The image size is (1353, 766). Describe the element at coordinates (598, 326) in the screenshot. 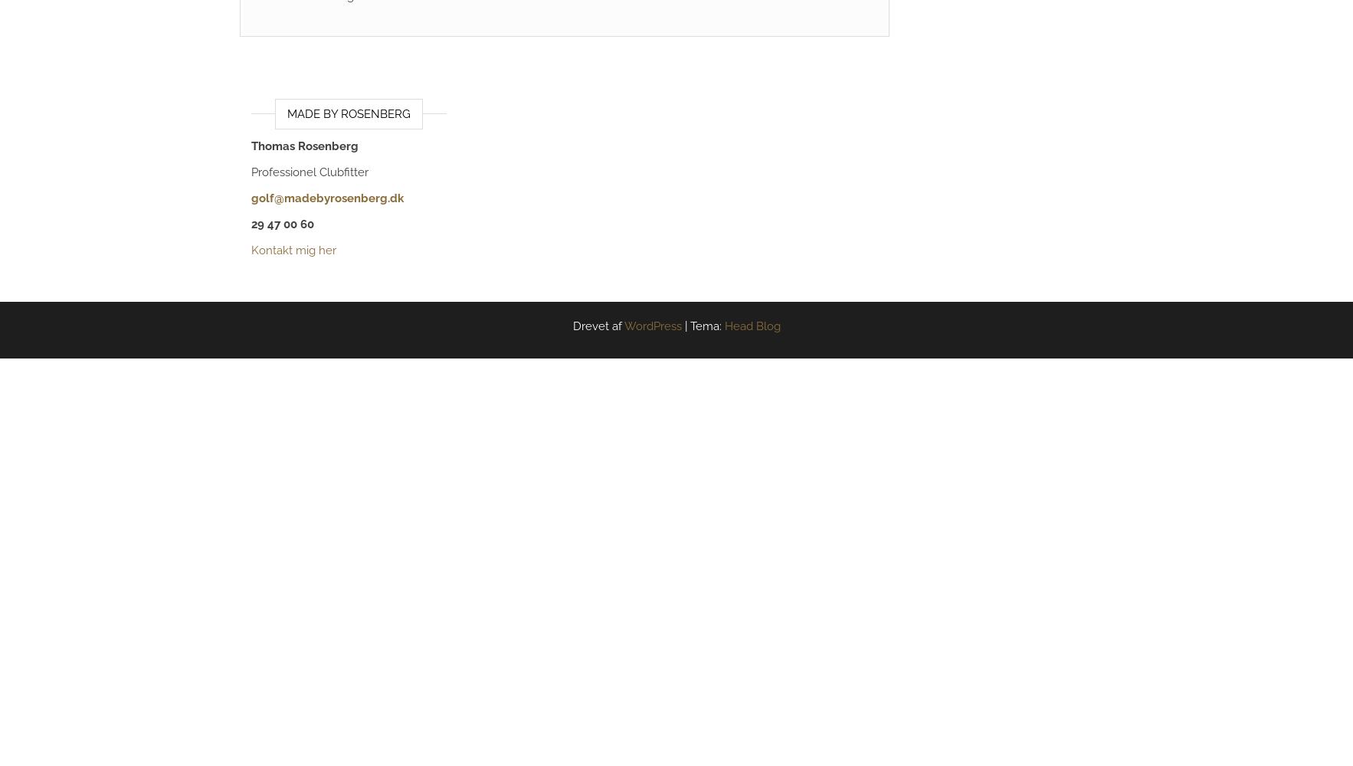

I see `'Drevet af'` at that location.